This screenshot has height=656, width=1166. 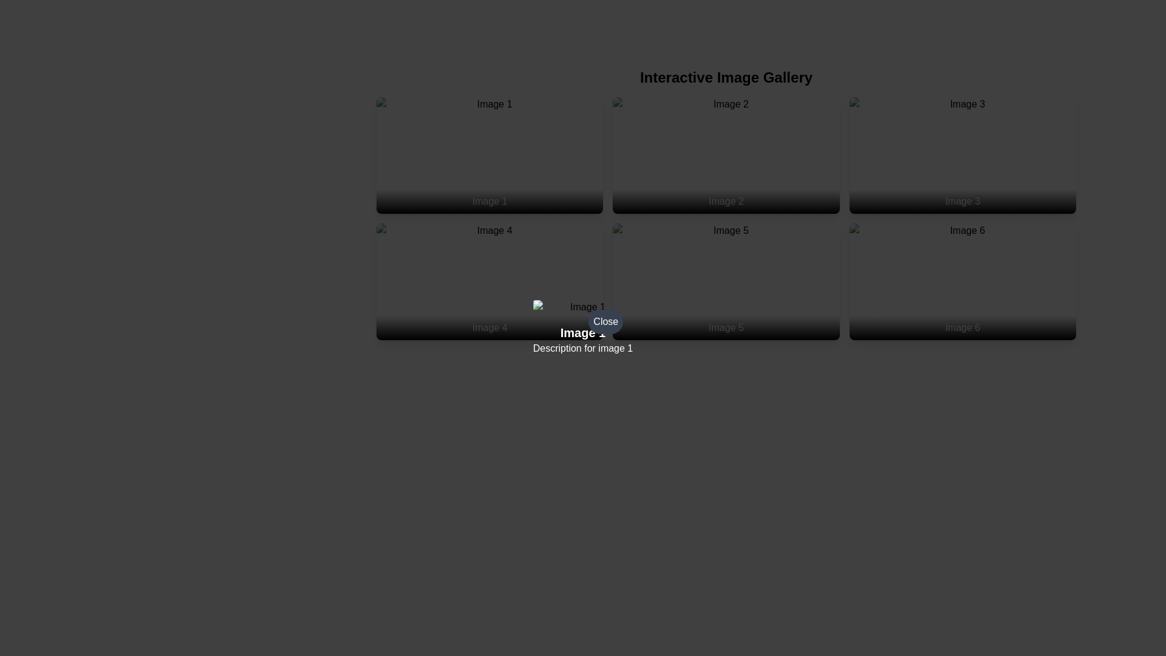 I want to click on text content of the bottom text overlay labeled 'Image 1', which is styled in bold sans-serif font and has a gradient background from black to transparent, so click(x=489, y=200).